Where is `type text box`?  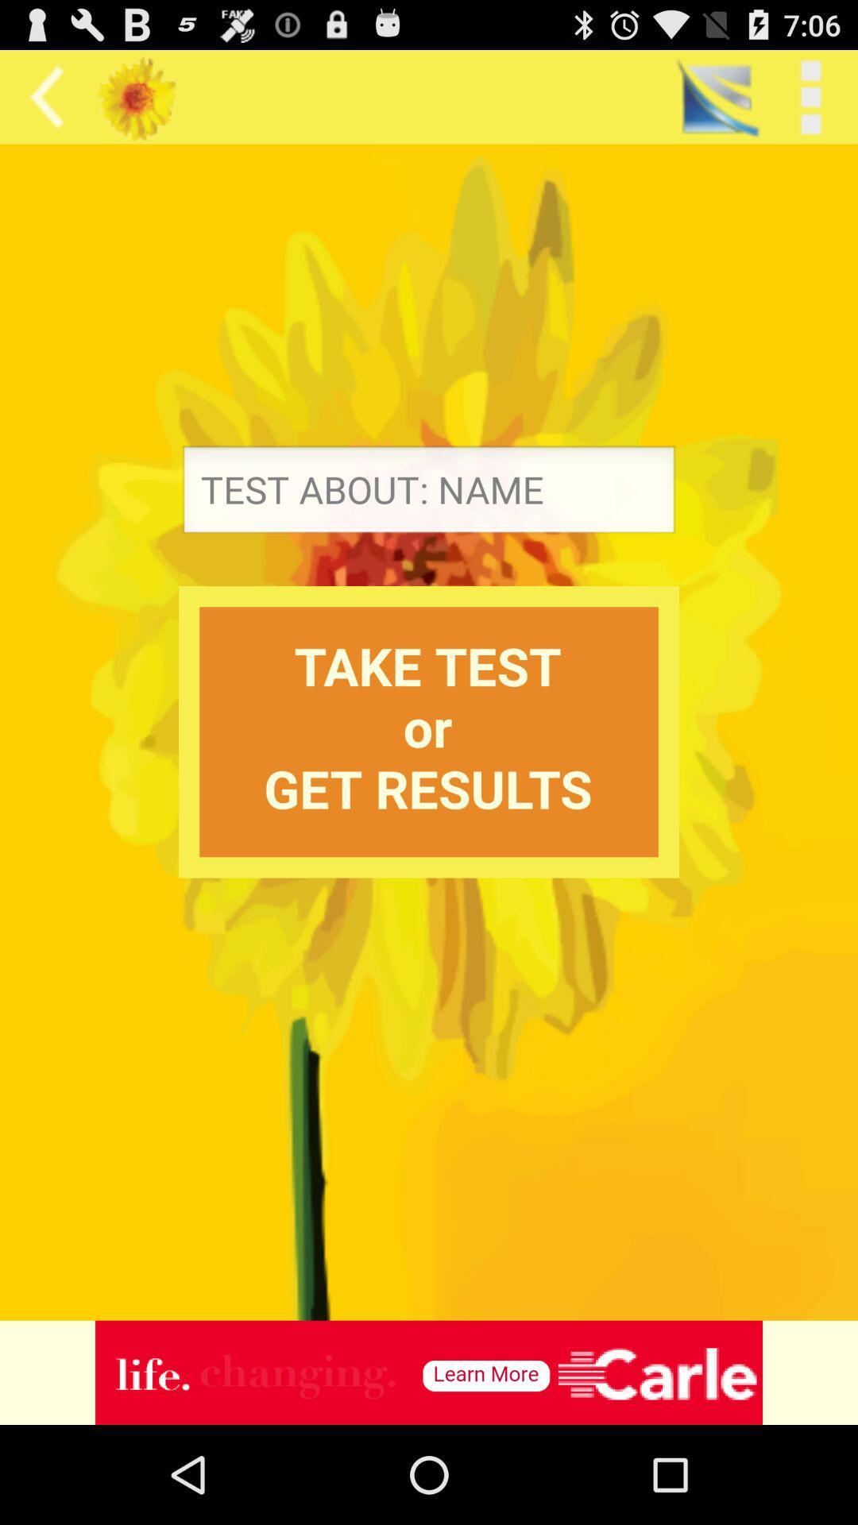 type text box is located at coordinates (429, 493).